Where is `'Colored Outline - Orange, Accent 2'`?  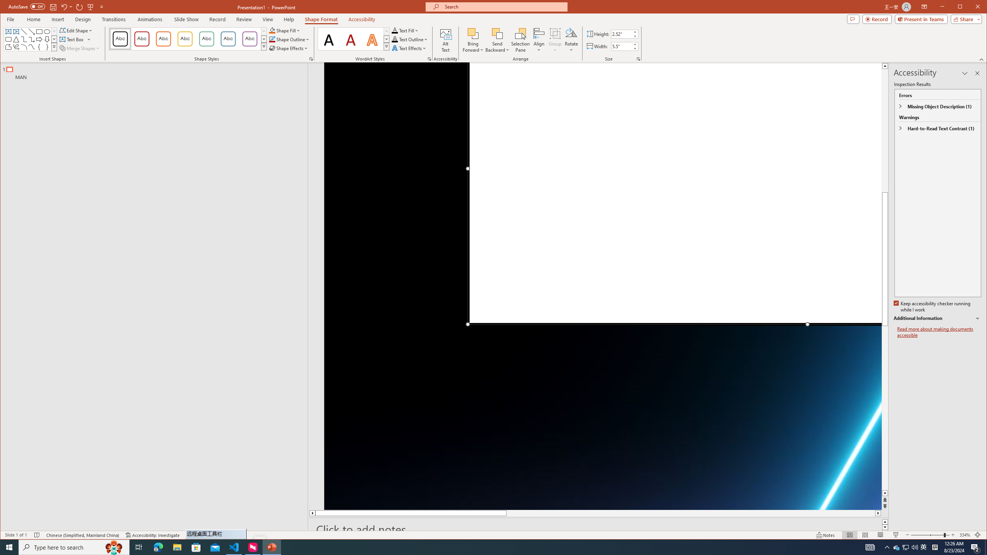 'Colored Outline - Orange, Accent 2' is located at coordinates (163, 39).